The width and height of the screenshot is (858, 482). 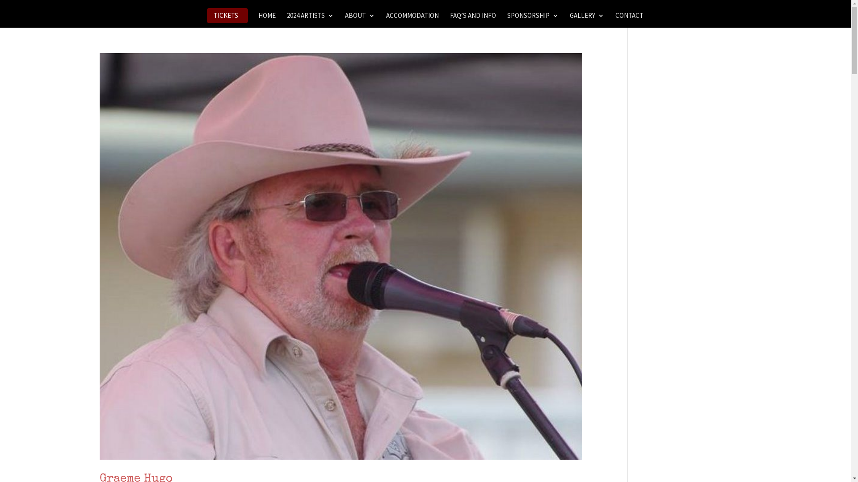 What do you see at coordinates (266, 19) in the screenshot?
I see `'HOME'` at bounding box center [266, 19].